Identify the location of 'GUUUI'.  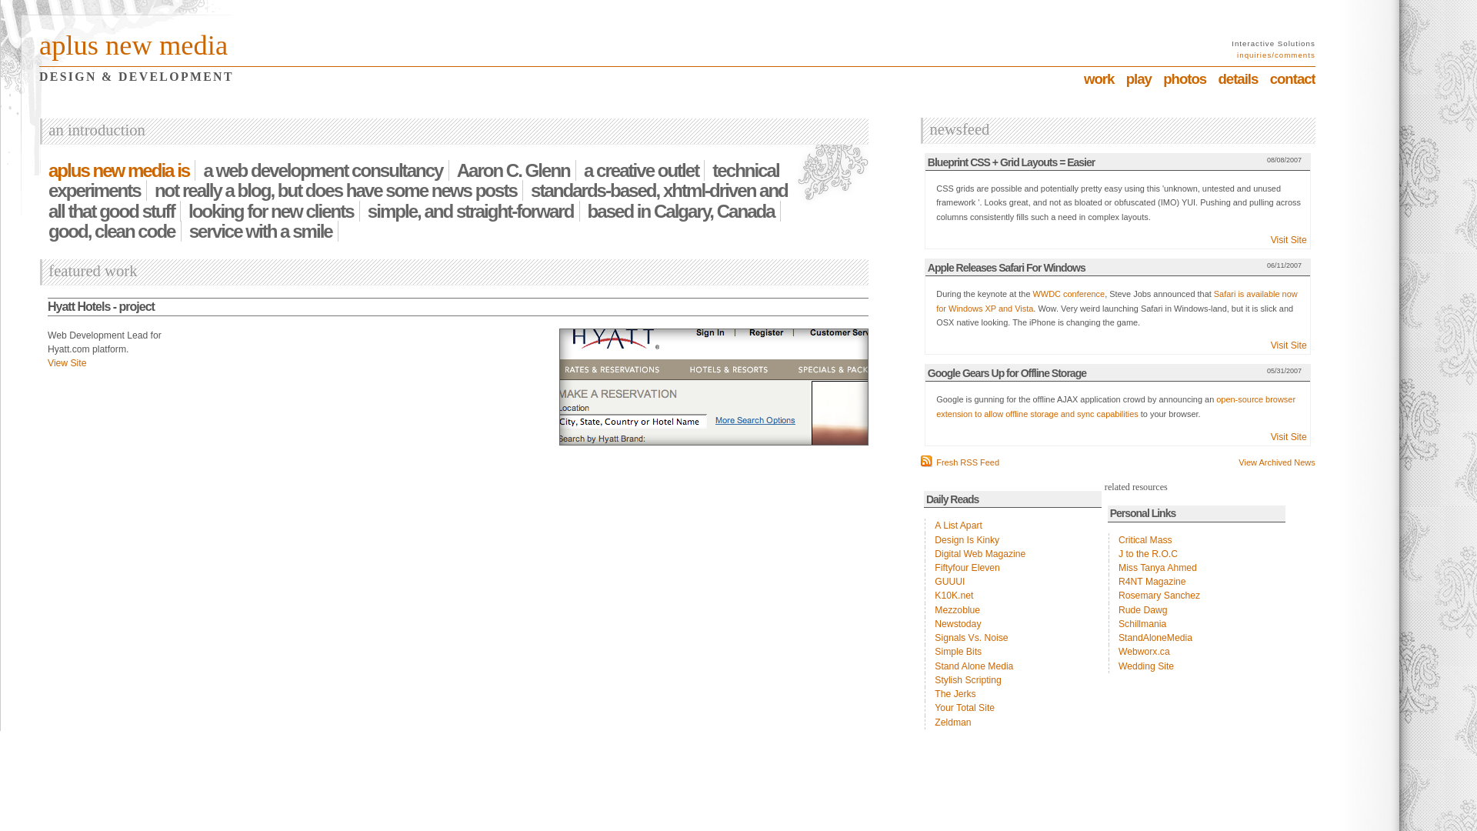
(1012, 582).